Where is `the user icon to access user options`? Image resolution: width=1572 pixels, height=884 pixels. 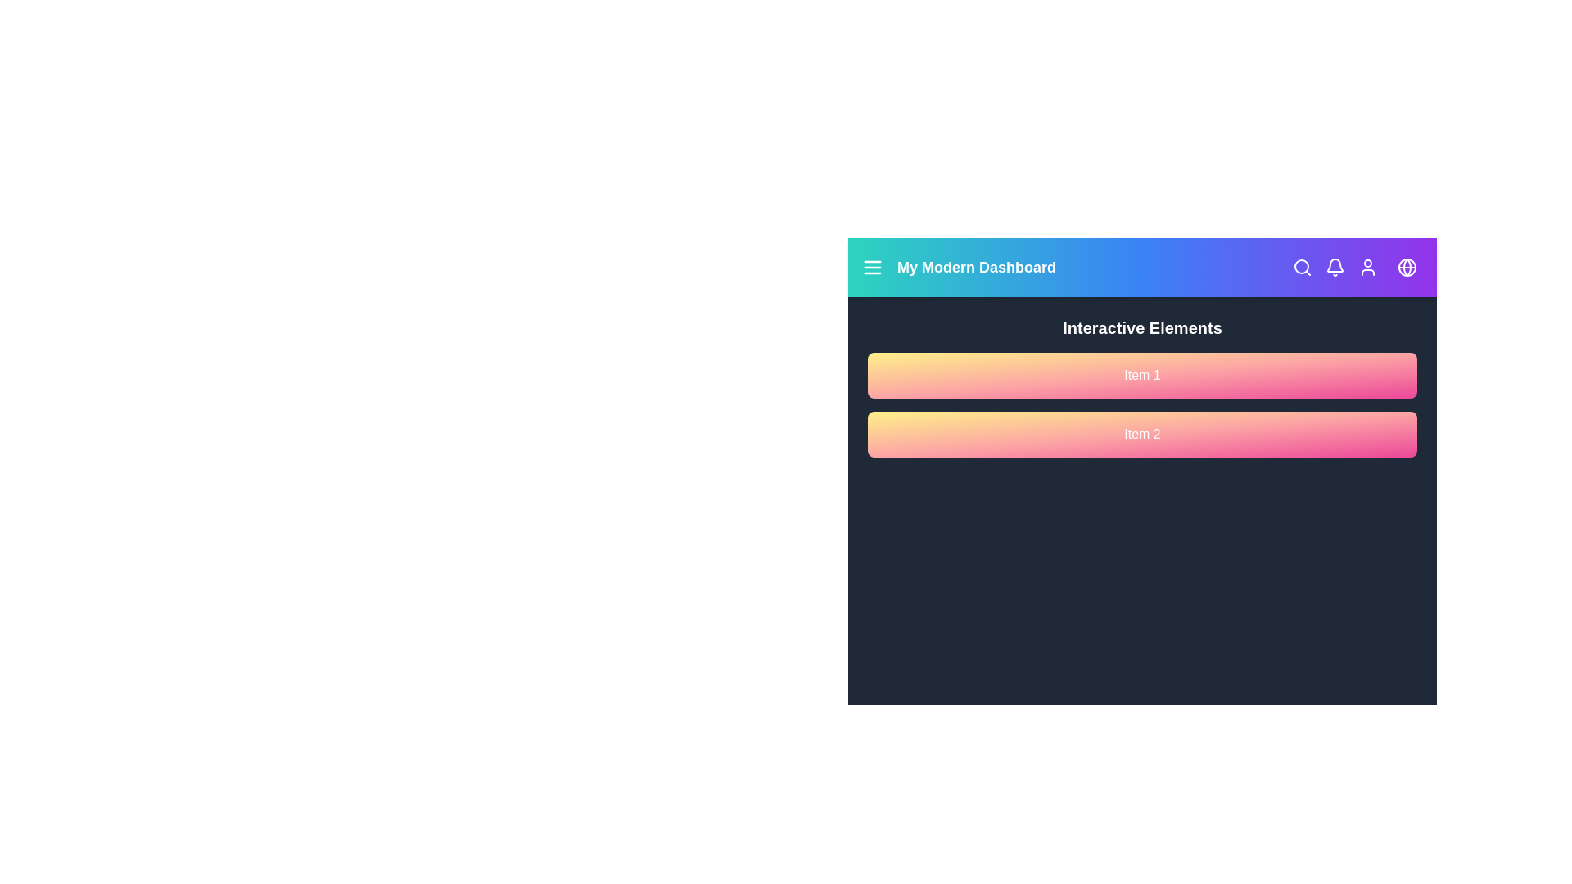 the user icon to access user options is located at coordinates (1367, 267).